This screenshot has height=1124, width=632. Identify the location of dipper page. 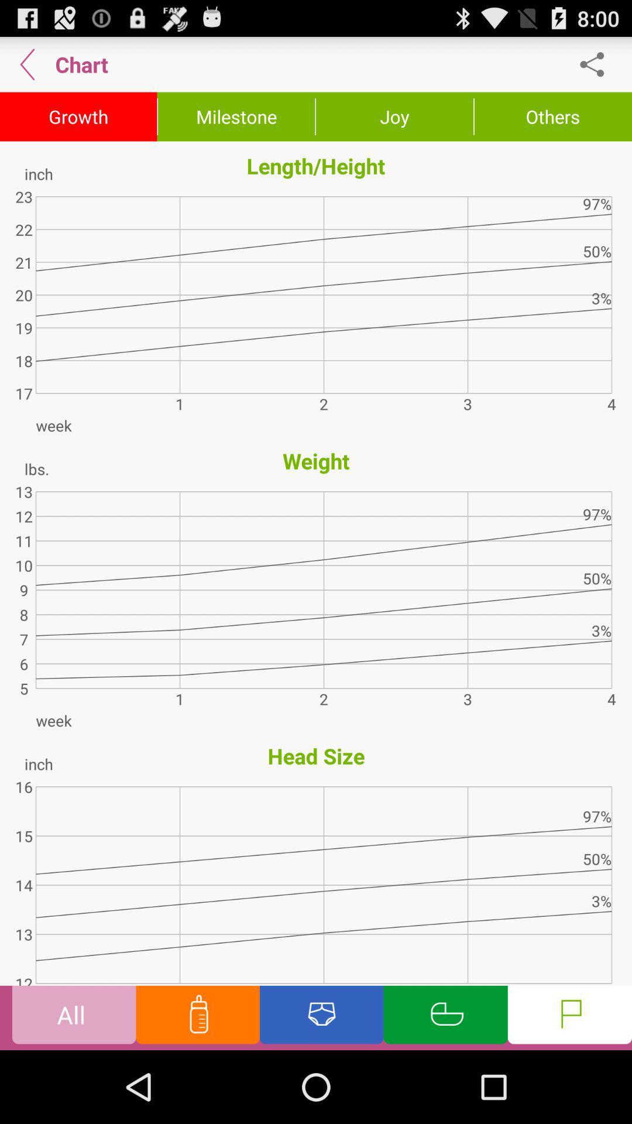
(321, 1017).